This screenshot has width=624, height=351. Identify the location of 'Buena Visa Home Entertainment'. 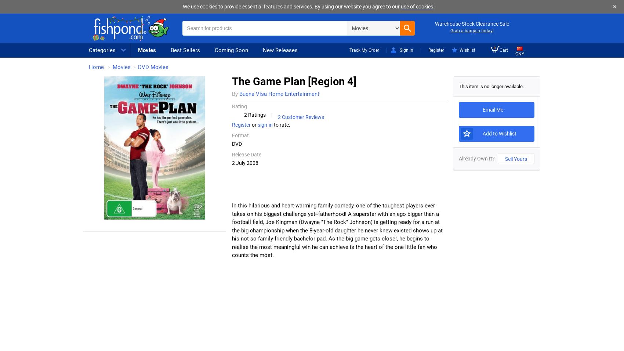
(279, 93).